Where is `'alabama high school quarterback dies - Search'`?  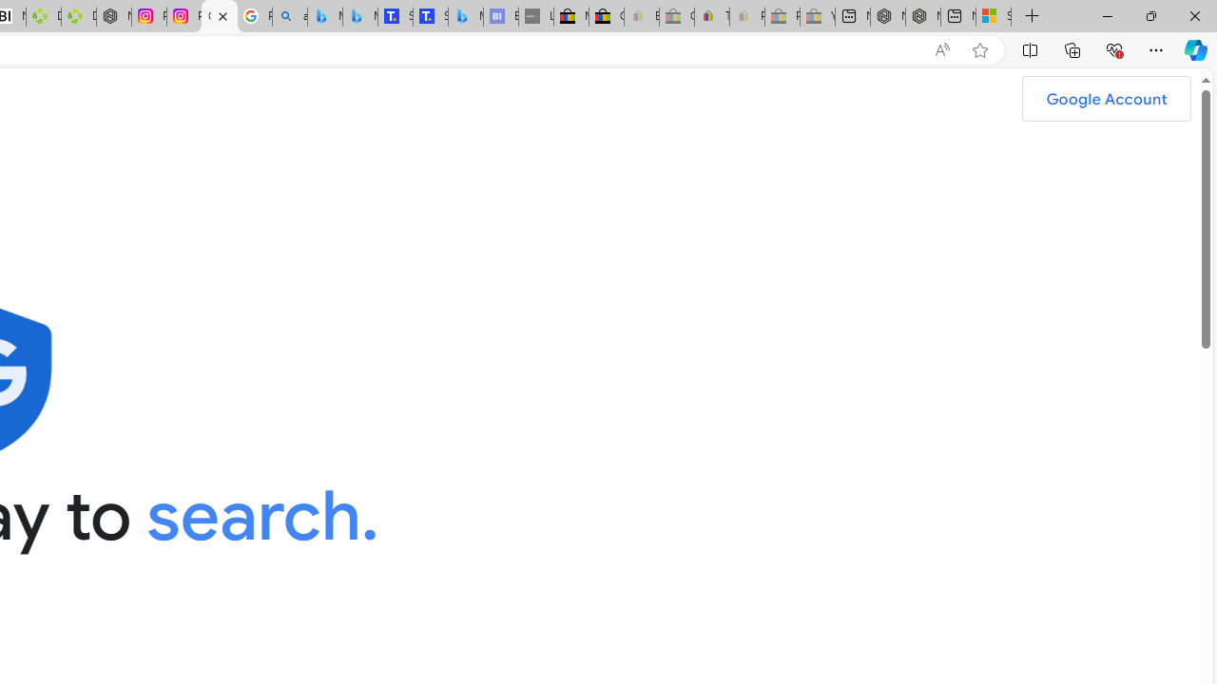
'alabama high school quarterback dies - Search' is located at coordinates (288, 16).